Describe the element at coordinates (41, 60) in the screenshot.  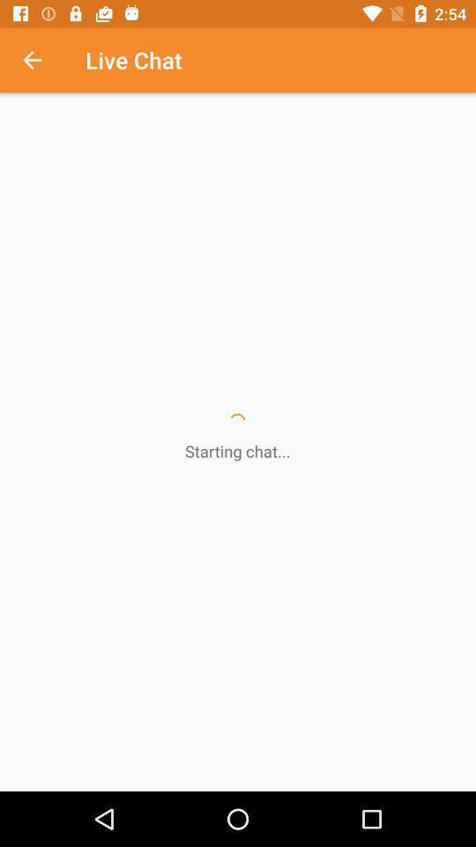
I see `previous` at that location.